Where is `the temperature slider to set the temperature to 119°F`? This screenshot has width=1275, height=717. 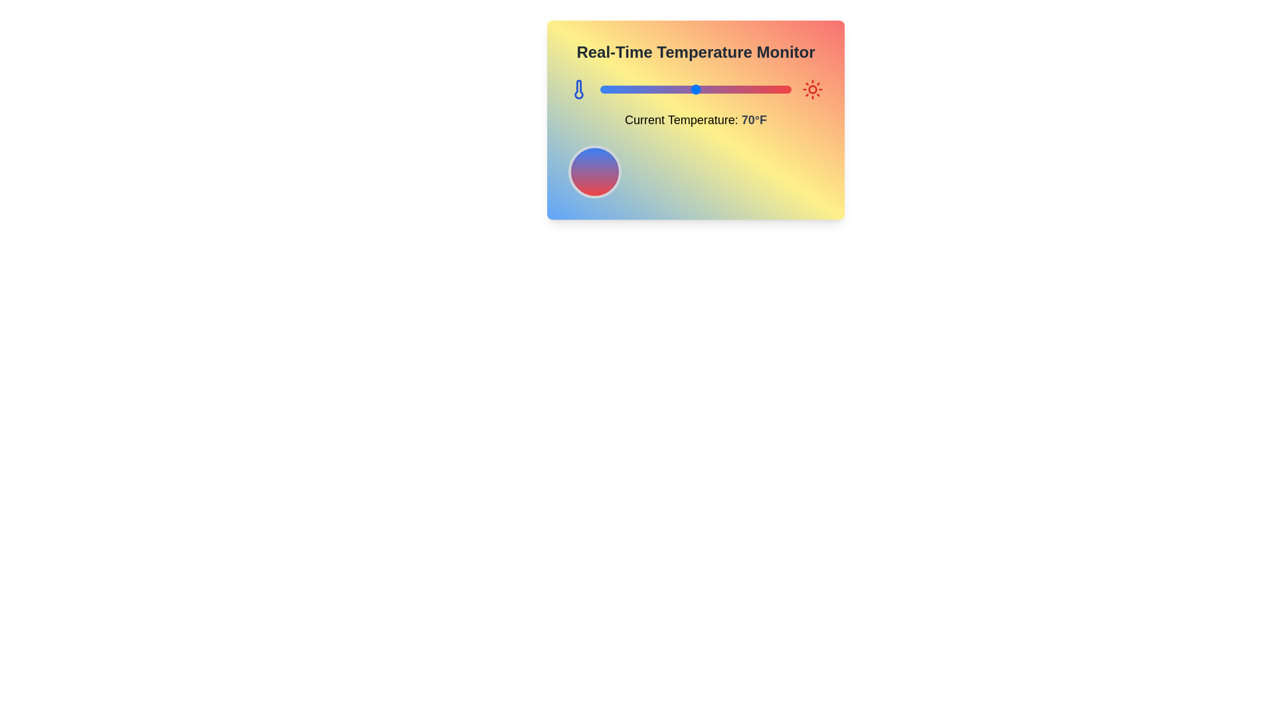
the temperature slider to set the temperature to 119°F is located at coordinates (790, 90).